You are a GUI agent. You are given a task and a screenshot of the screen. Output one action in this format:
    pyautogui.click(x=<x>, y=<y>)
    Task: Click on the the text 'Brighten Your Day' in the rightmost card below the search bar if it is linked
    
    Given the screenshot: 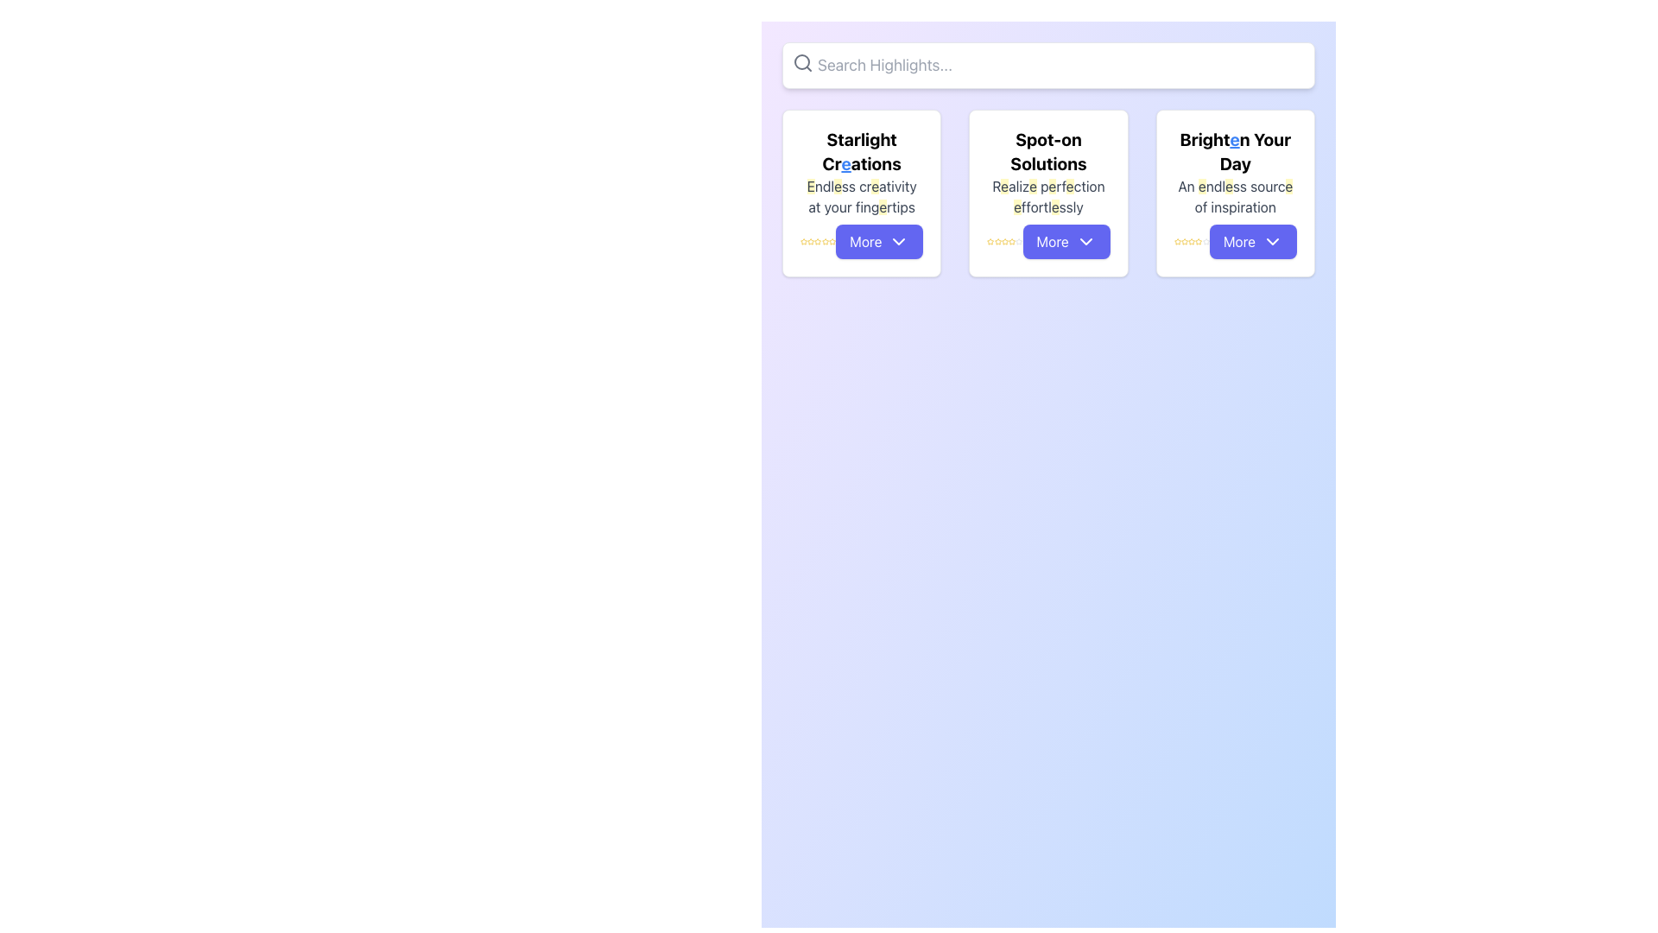 What is the action you would take?
    pyautogui.click(x=1204, y=138)
    